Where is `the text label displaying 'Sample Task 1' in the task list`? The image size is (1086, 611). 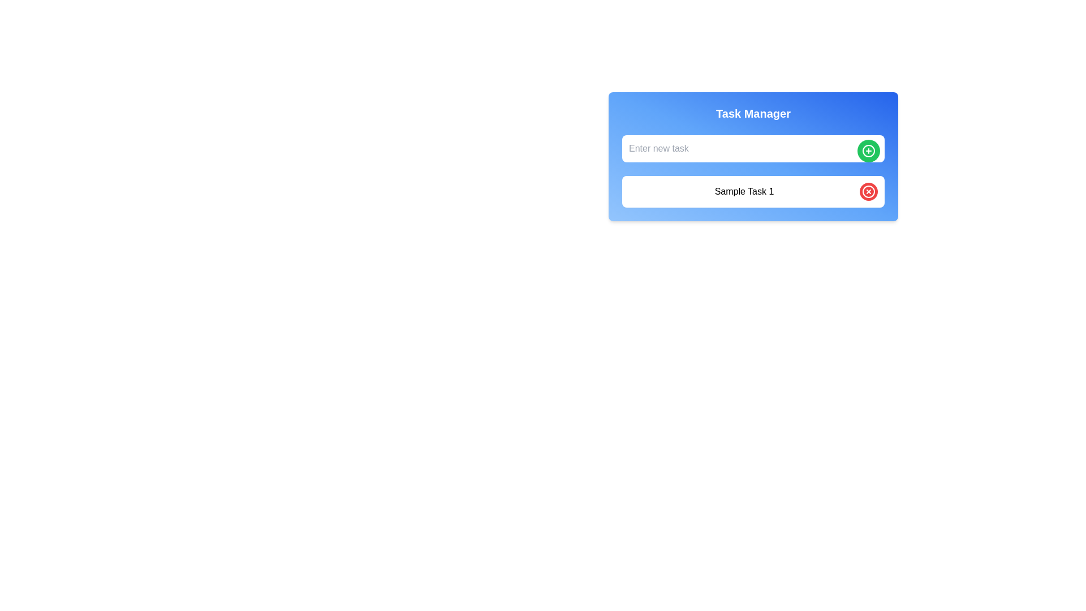 the text label displaying 'Sample Task 1' in the task list is located at coordinates (744, 191).